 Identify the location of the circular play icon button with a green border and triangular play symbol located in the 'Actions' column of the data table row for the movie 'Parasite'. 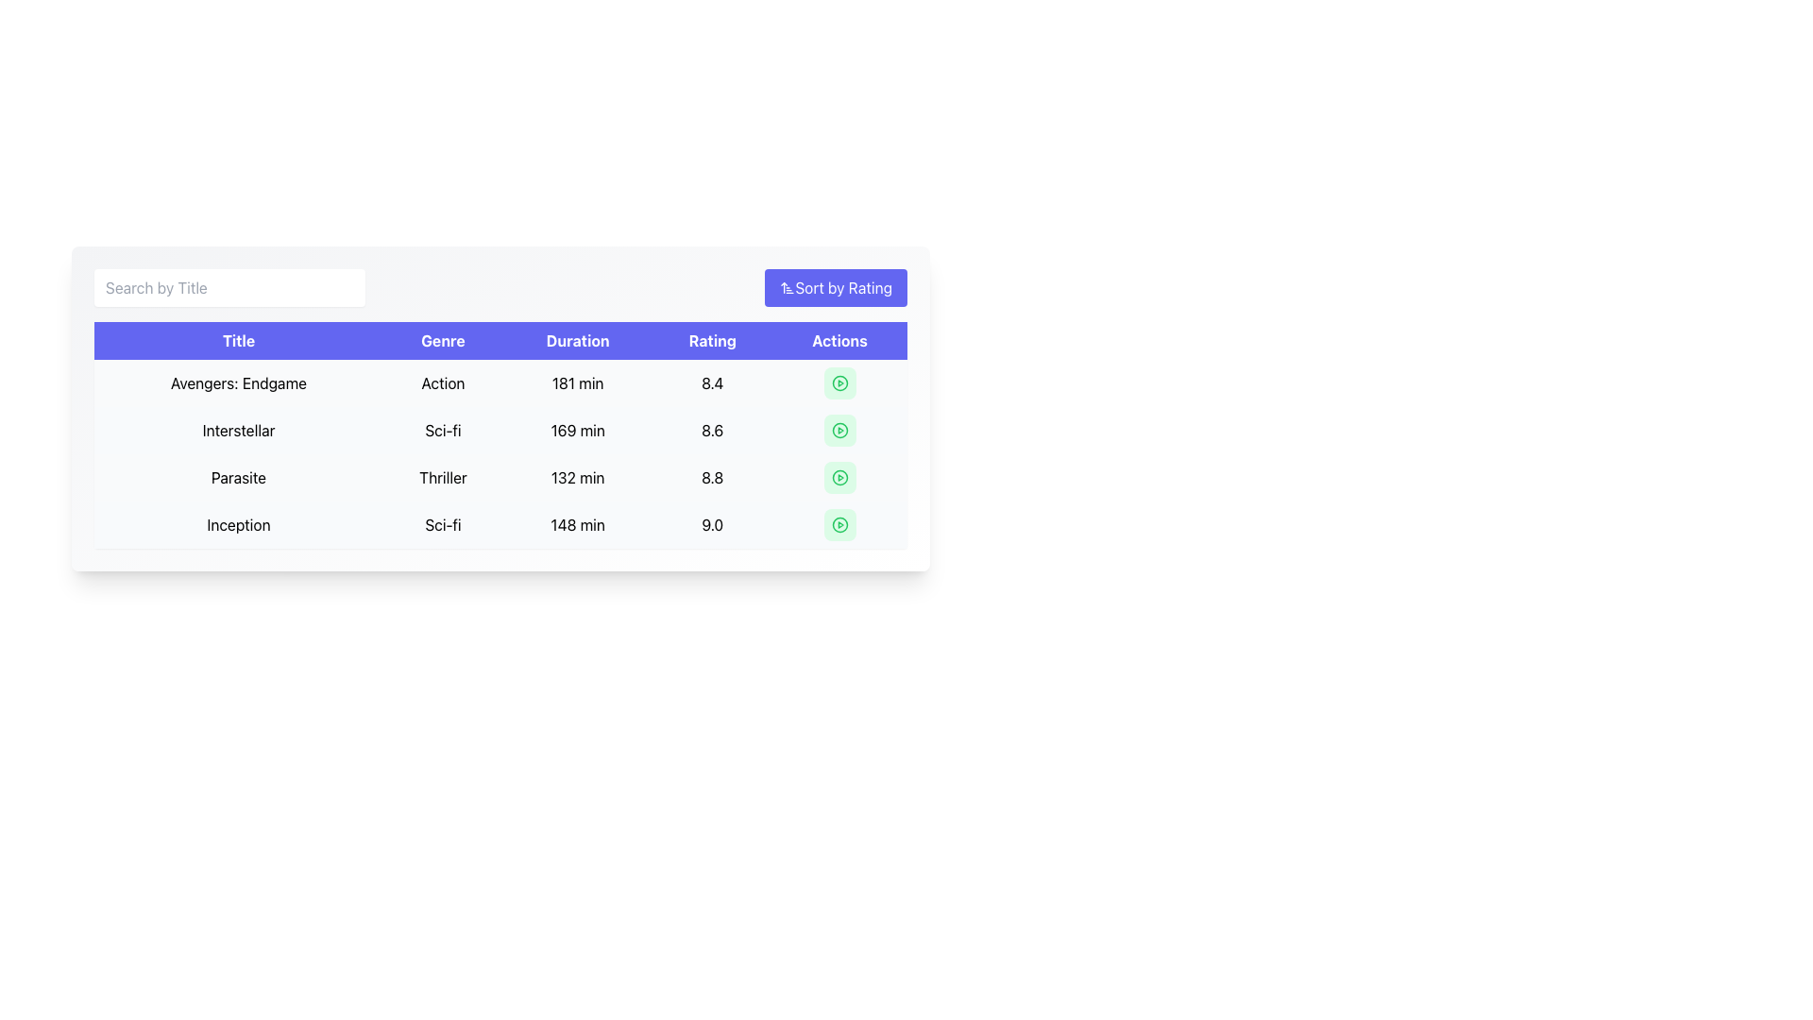
(839, 476).